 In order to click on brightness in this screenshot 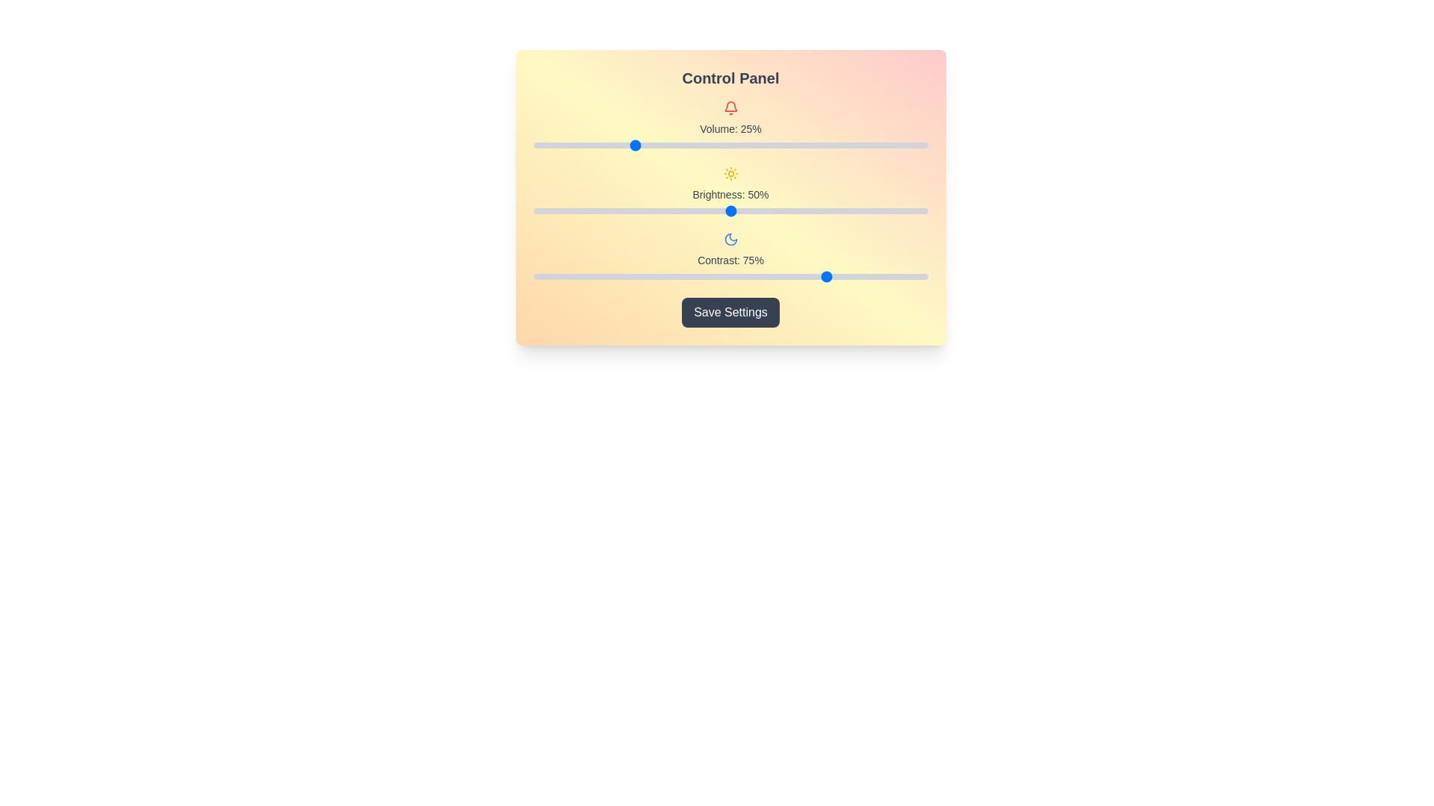, I will do `click(781, 210)`.